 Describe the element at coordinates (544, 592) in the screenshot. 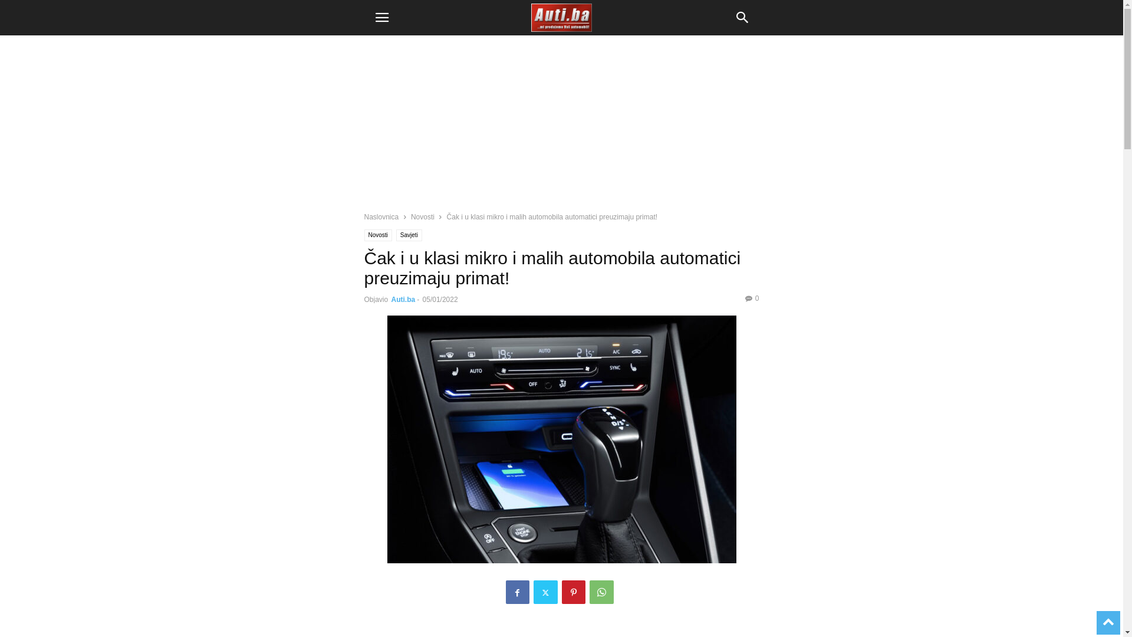

I see `'Twitter'` at that location.